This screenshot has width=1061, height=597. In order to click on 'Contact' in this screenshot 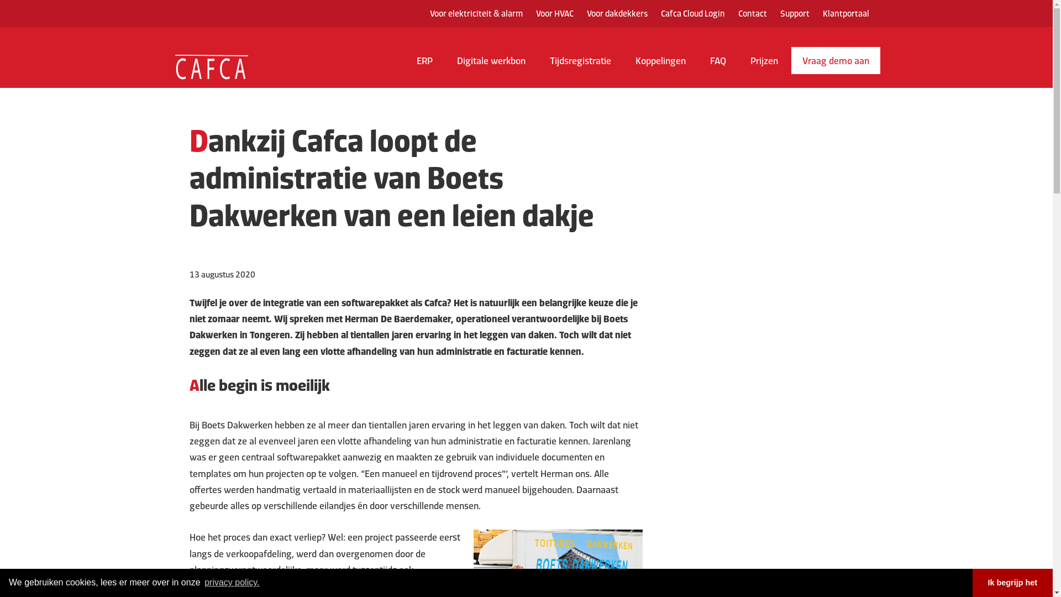, I will do `click(752, 13)`.